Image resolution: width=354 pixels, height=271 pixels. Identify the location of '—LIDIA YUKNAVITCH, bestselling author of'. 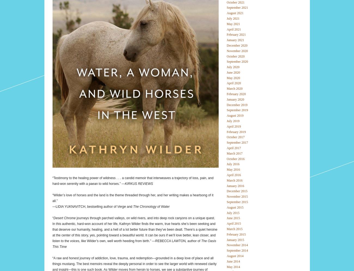
(84, 206).